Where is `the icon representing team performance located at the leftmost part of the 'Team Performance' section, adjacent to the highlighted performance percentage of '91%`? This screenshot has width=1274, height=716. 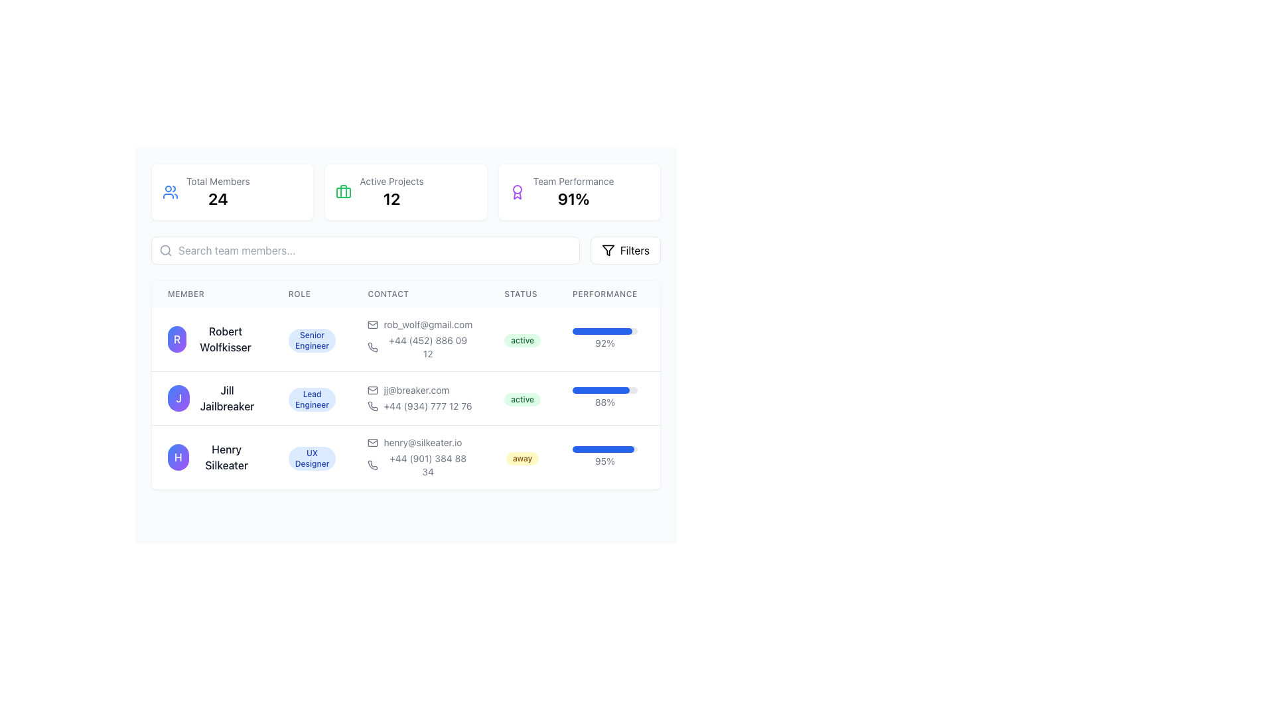 the icon representing team performance located at the leftmost part of the 'Team Performance' section, adjacent to the highlighted performance percentage of '91% is located at coordinates (516, 192).